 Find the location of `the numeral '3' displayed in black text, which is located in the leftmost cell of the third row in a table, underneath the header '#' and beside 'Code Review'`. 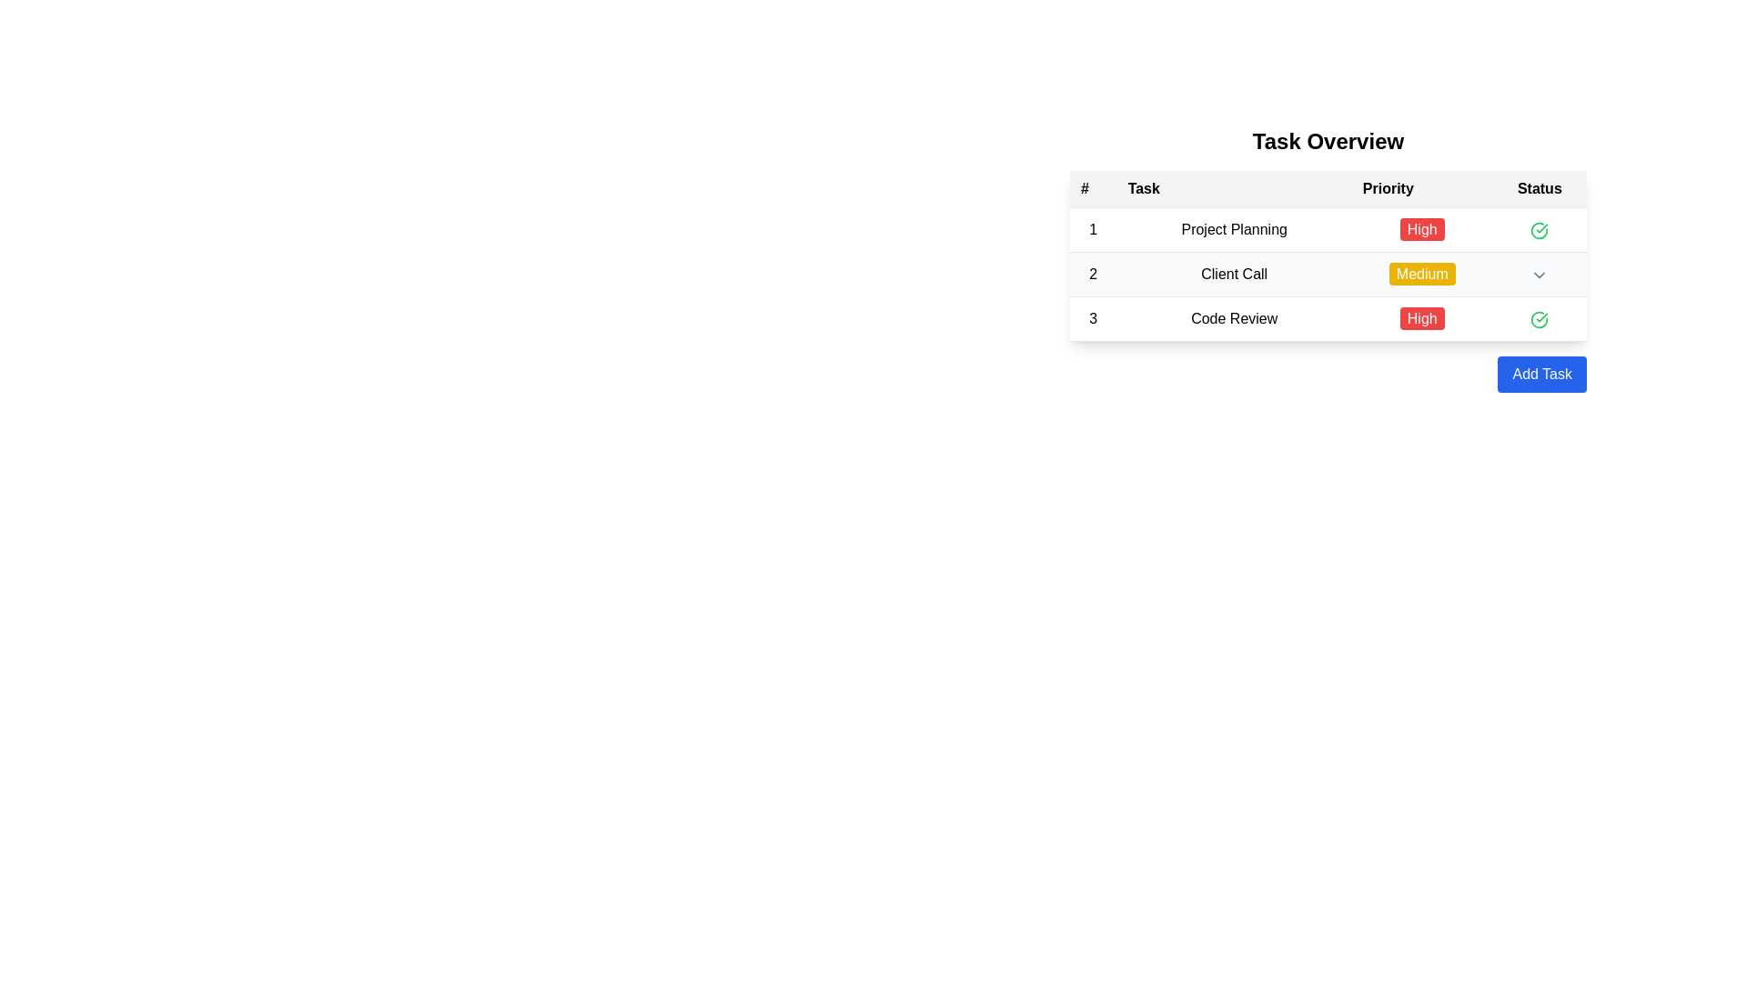

the numeral '3' displayed in black text, which is located in the leftmost cell of the third row in a table, underneath the header '#' and beside 'Code Review' is located at coordinates (1092, 318).